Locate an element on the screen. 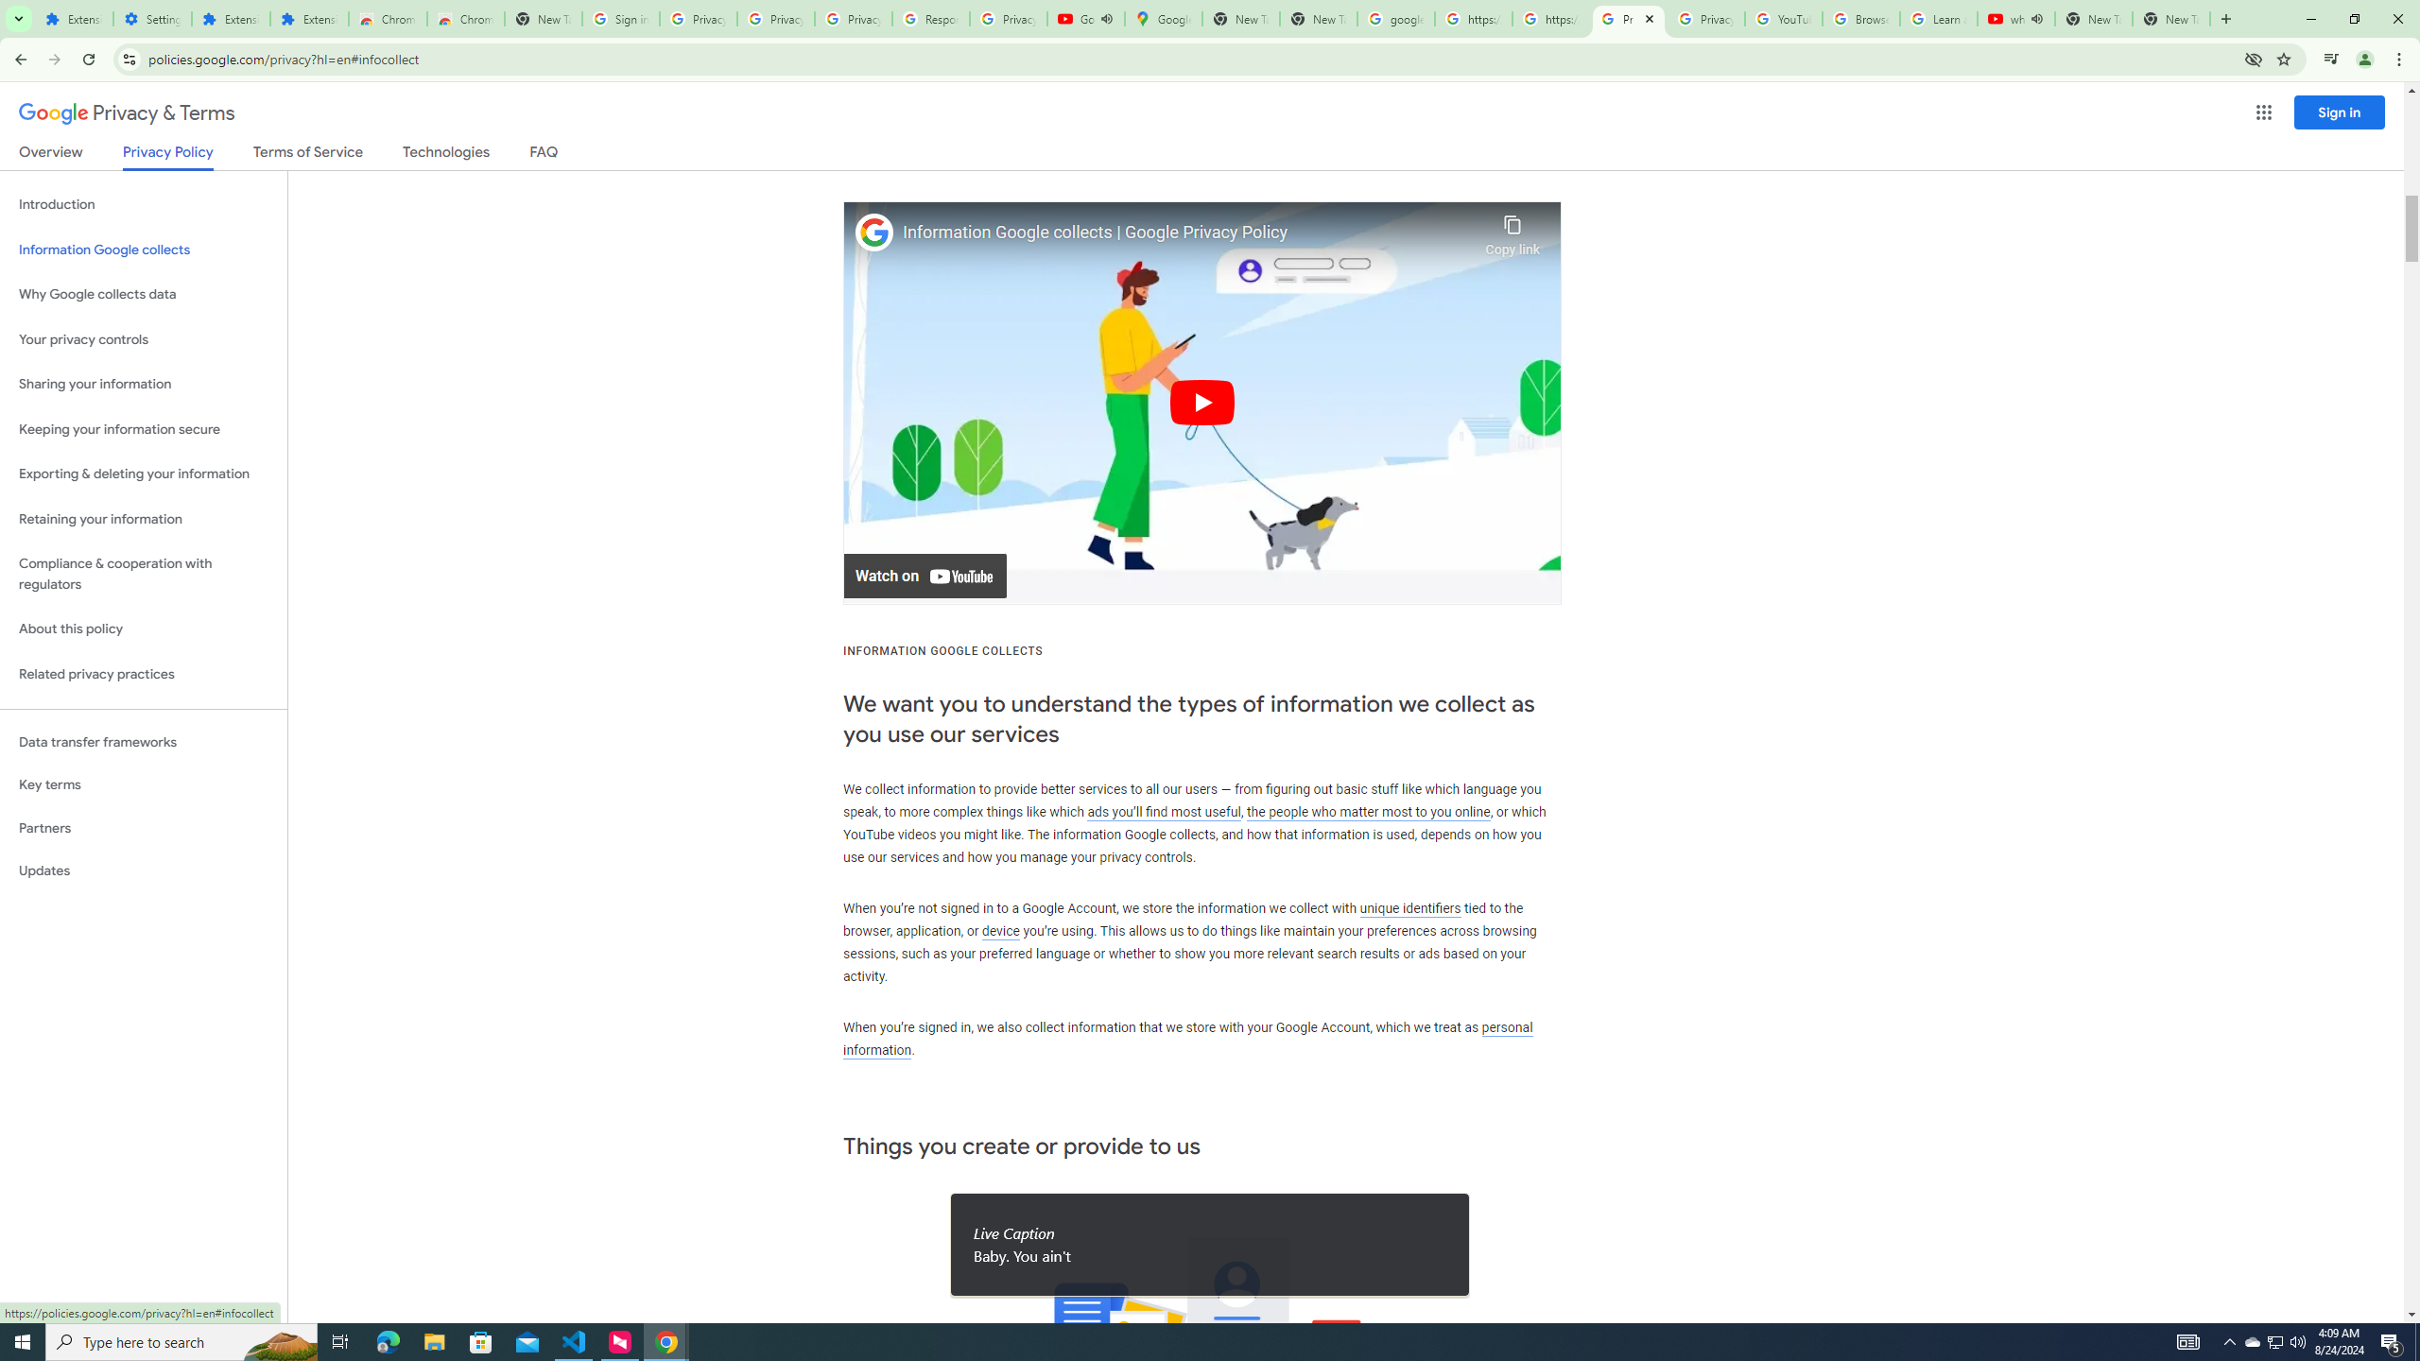  'https://scholar.google.com/' is located at coordinates (1549, 18).